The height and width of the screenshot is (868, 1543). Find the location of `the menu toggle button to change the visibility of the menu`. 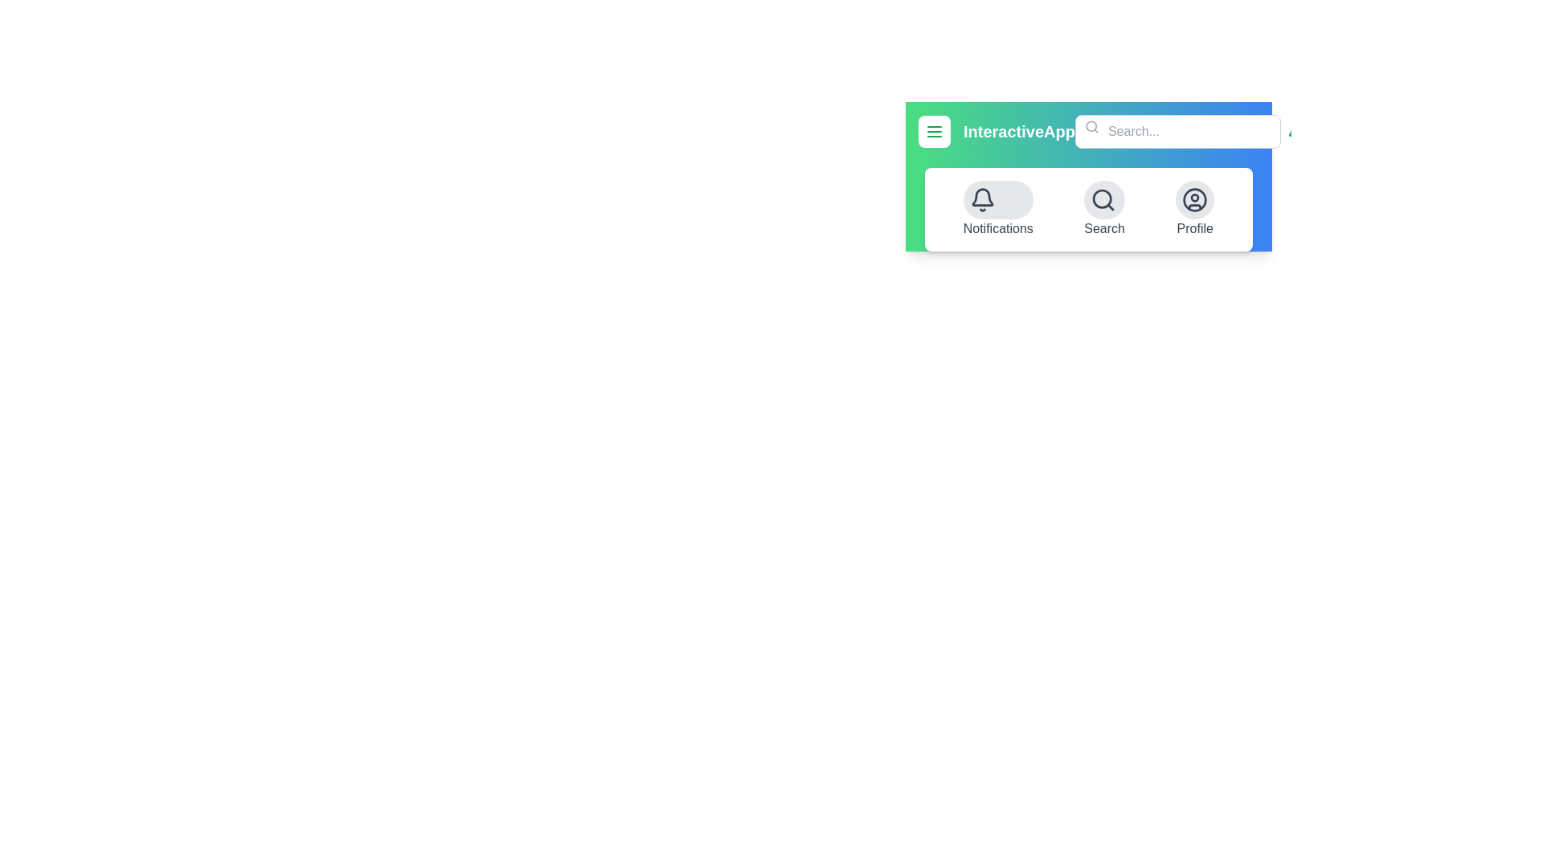

the menu toggle button to change the visibility of the menu is located at coordinates (934, 131).